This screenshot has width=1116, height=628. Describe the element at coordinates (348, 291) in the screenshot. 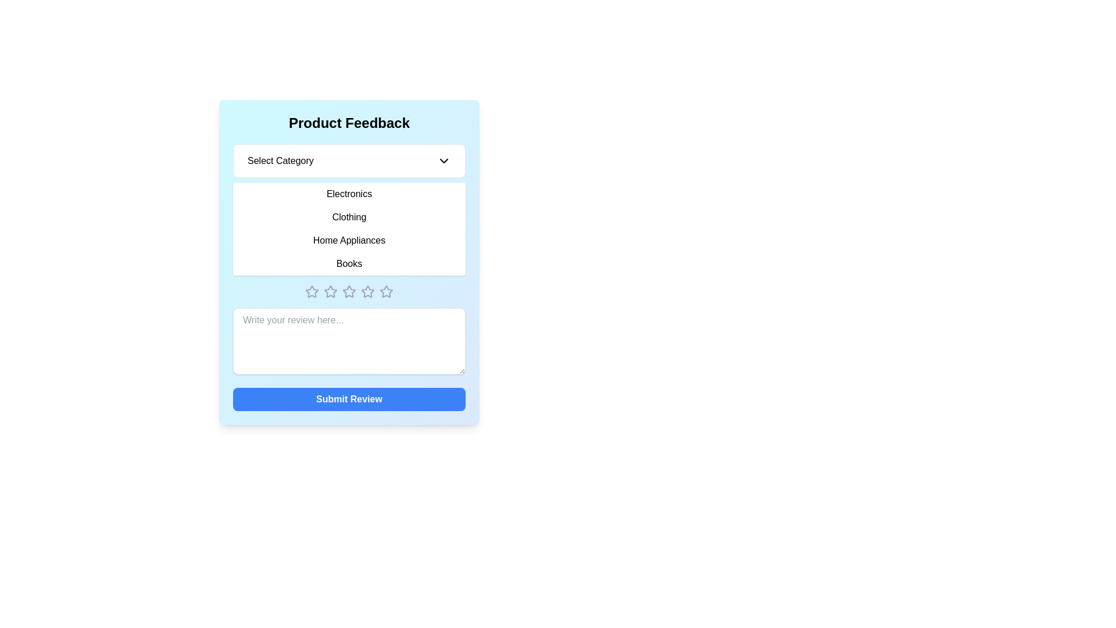

I see `the third star rating icon in the feedback form` at that location.